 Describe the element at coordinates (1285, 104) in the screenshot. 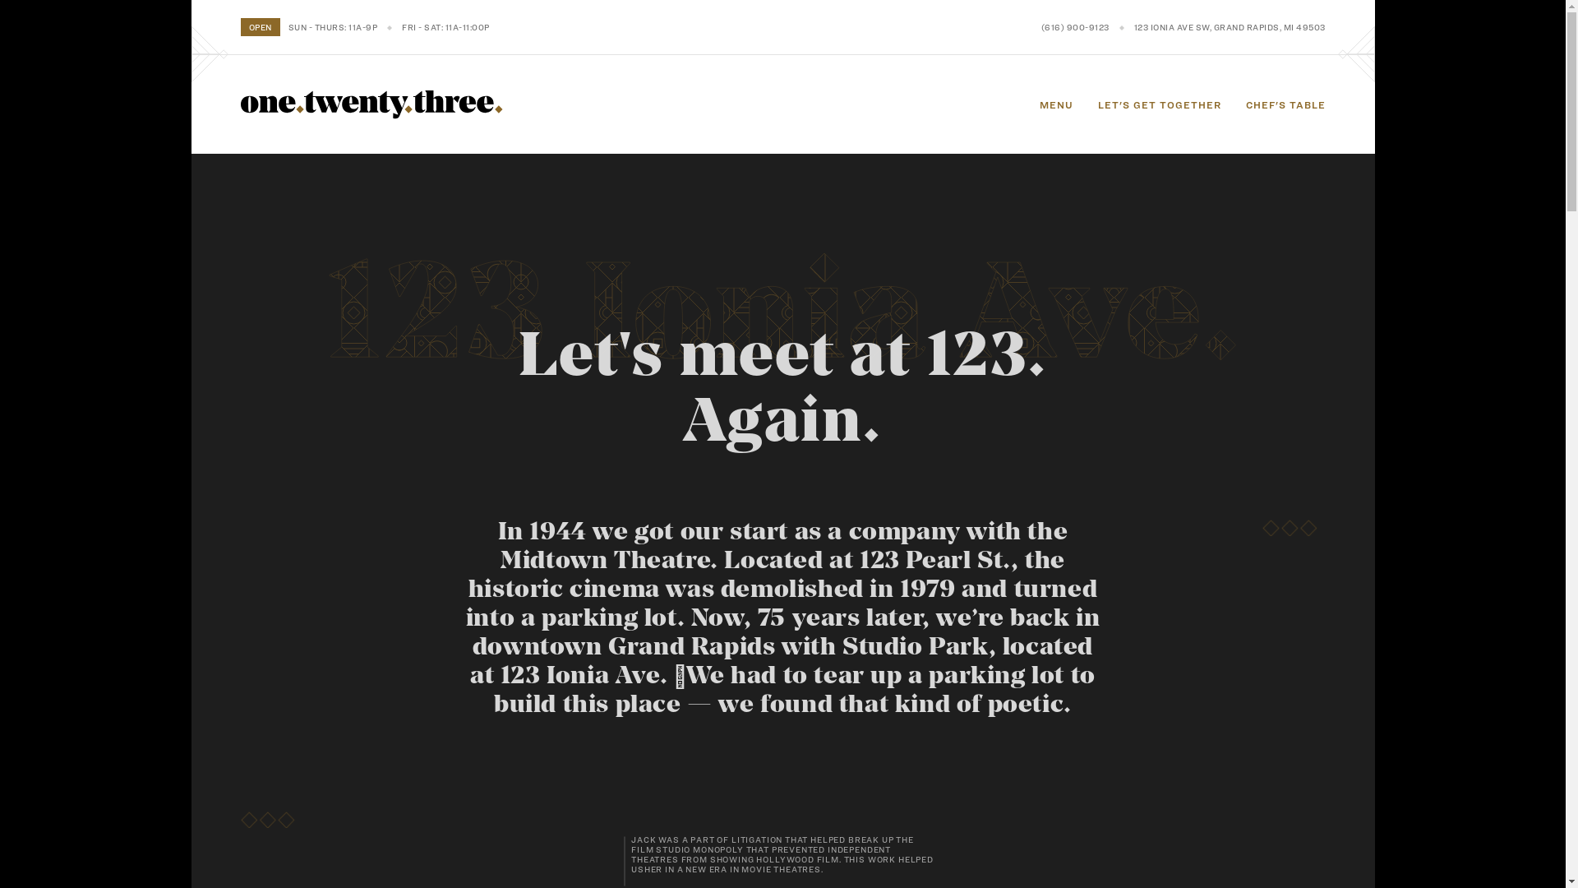

I see `'CHEF'S TABLE'` at that location.